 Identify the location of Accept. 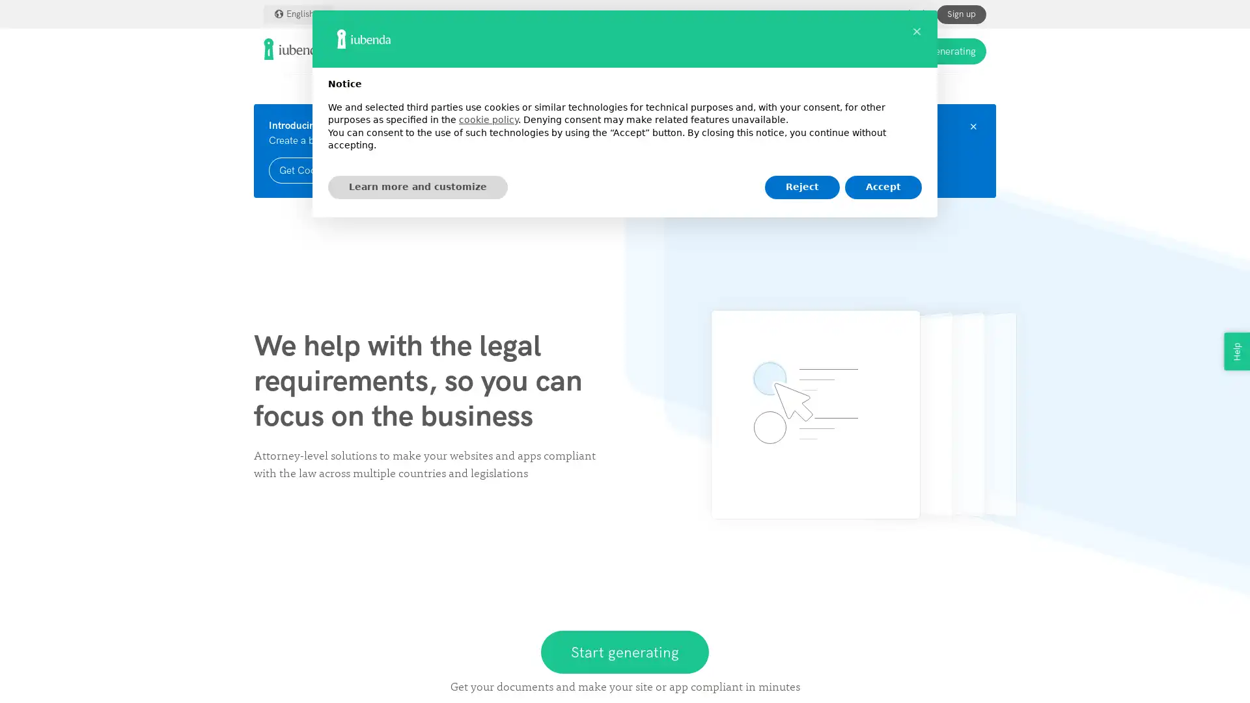
(883, 186).